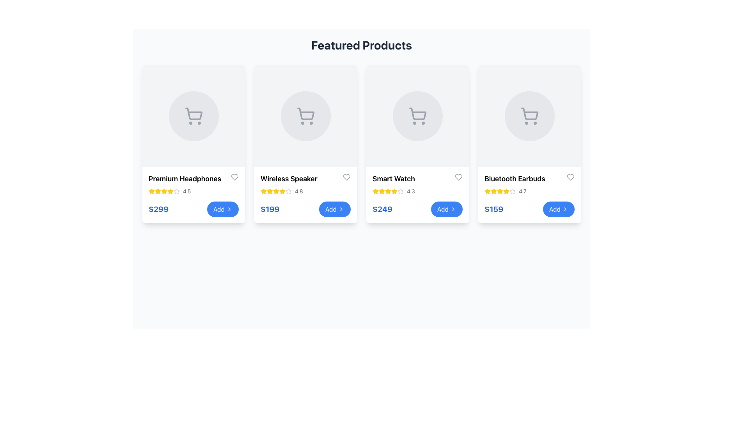 This screenshot has width=749, height=421. What do you see at coordinates (522, 191) in the screenshot?
I see `the Text label displaying the product's average rating, located to the right of the yellow star icons in the fourth product card` at bounding box center [522, 191].